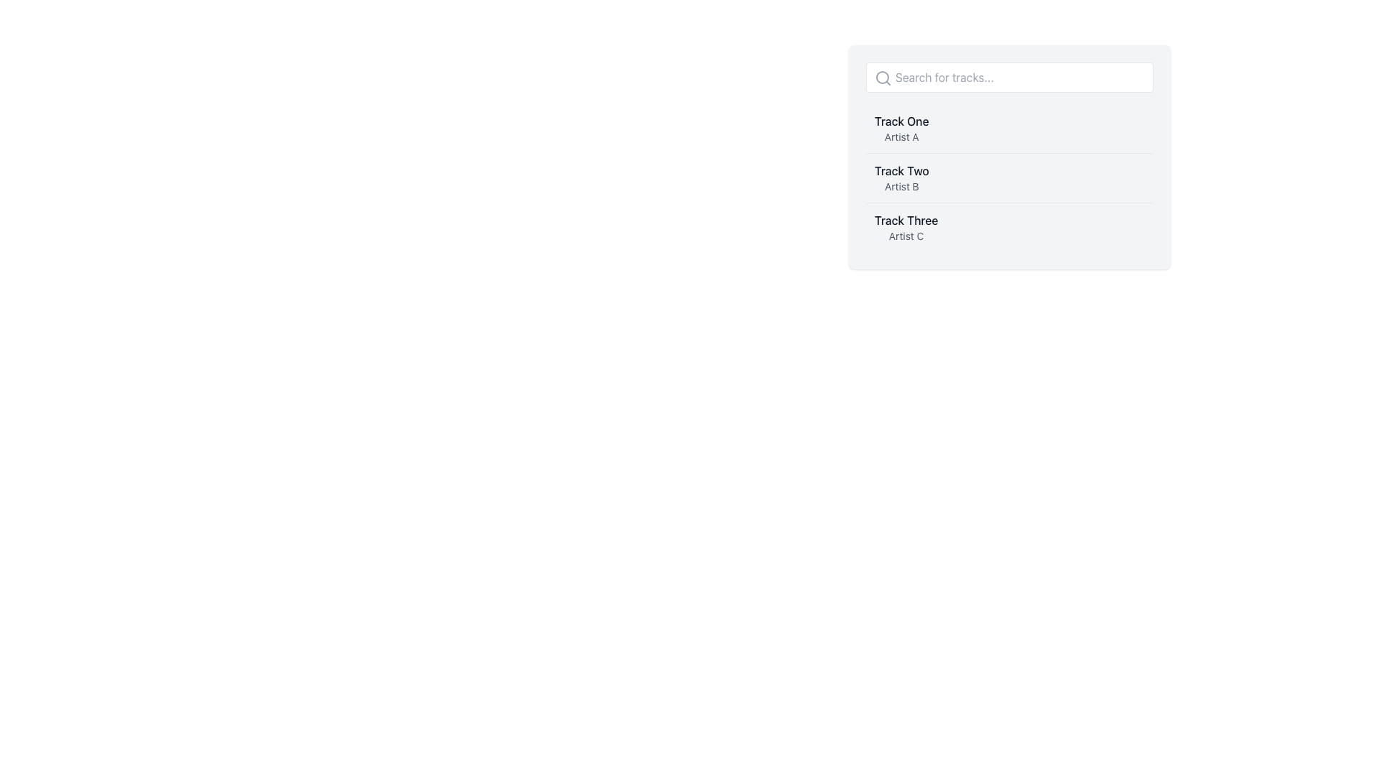 Image resolution: width=1380 pixels, height=776 pixels. I want to click on the list item displaying 'Track Three' by 'Artist C', so click(906, 226).